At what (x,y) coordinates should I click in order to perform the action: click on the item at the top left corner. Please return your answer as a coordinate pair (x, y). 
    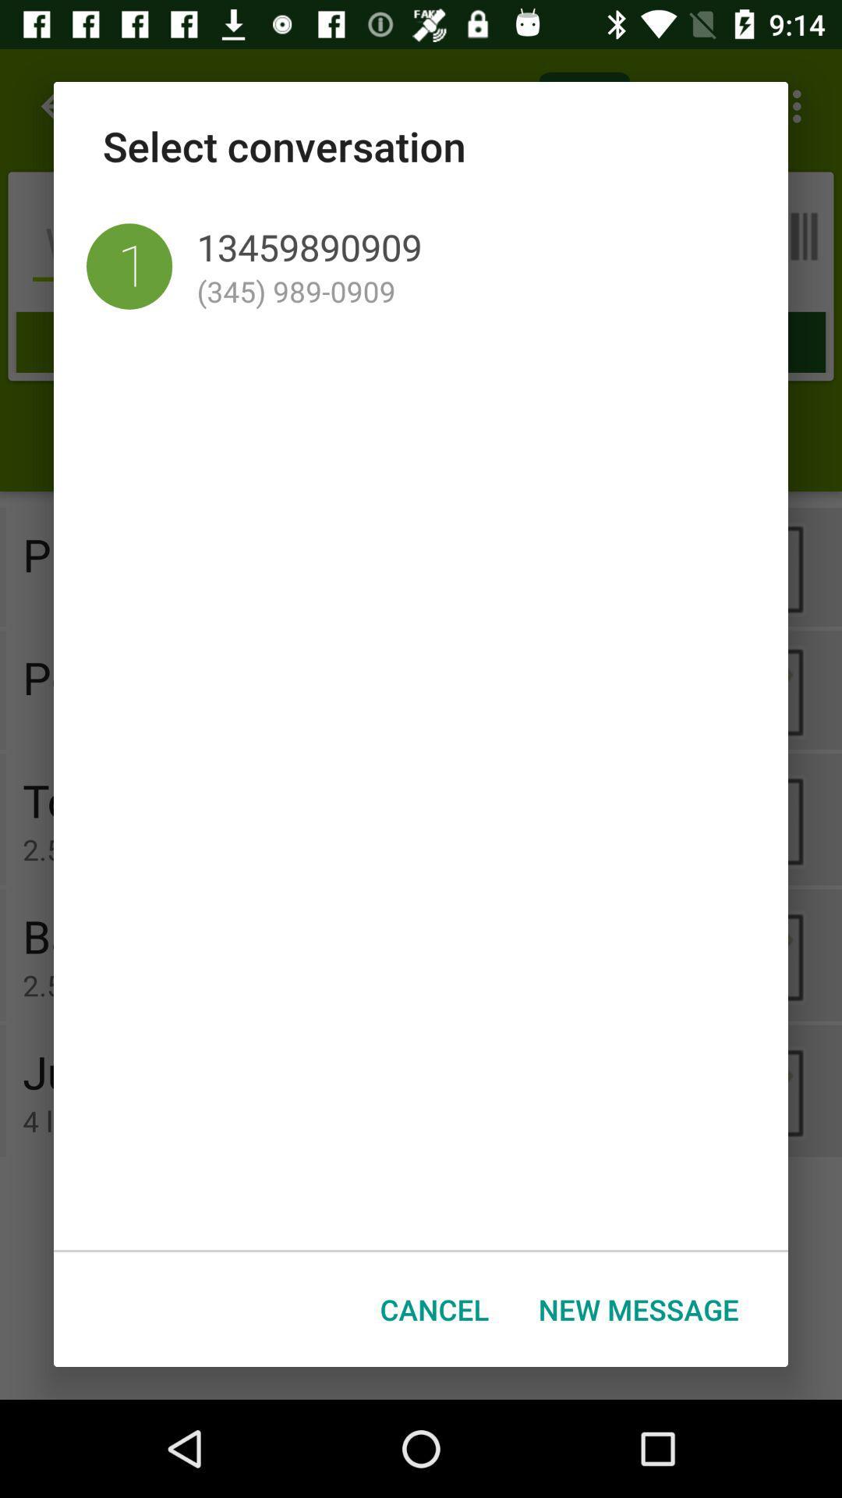
    Looking at the image, I should click on (129, 266).